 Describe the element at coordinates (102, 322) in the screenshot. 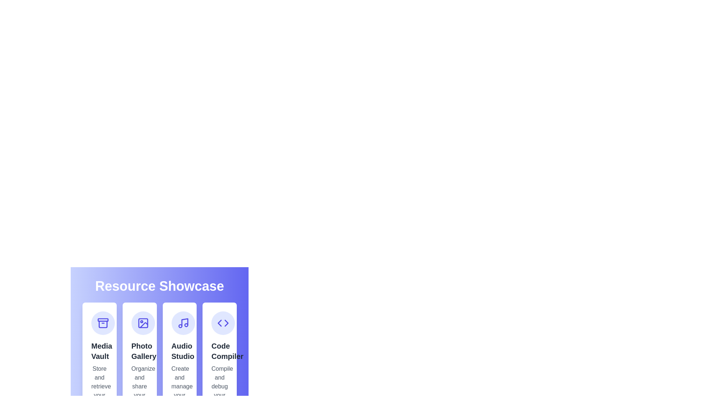

I see `the archive icon located within the first card section of the 'Resource Showcase' area, which is centered in a circular area` at that location.